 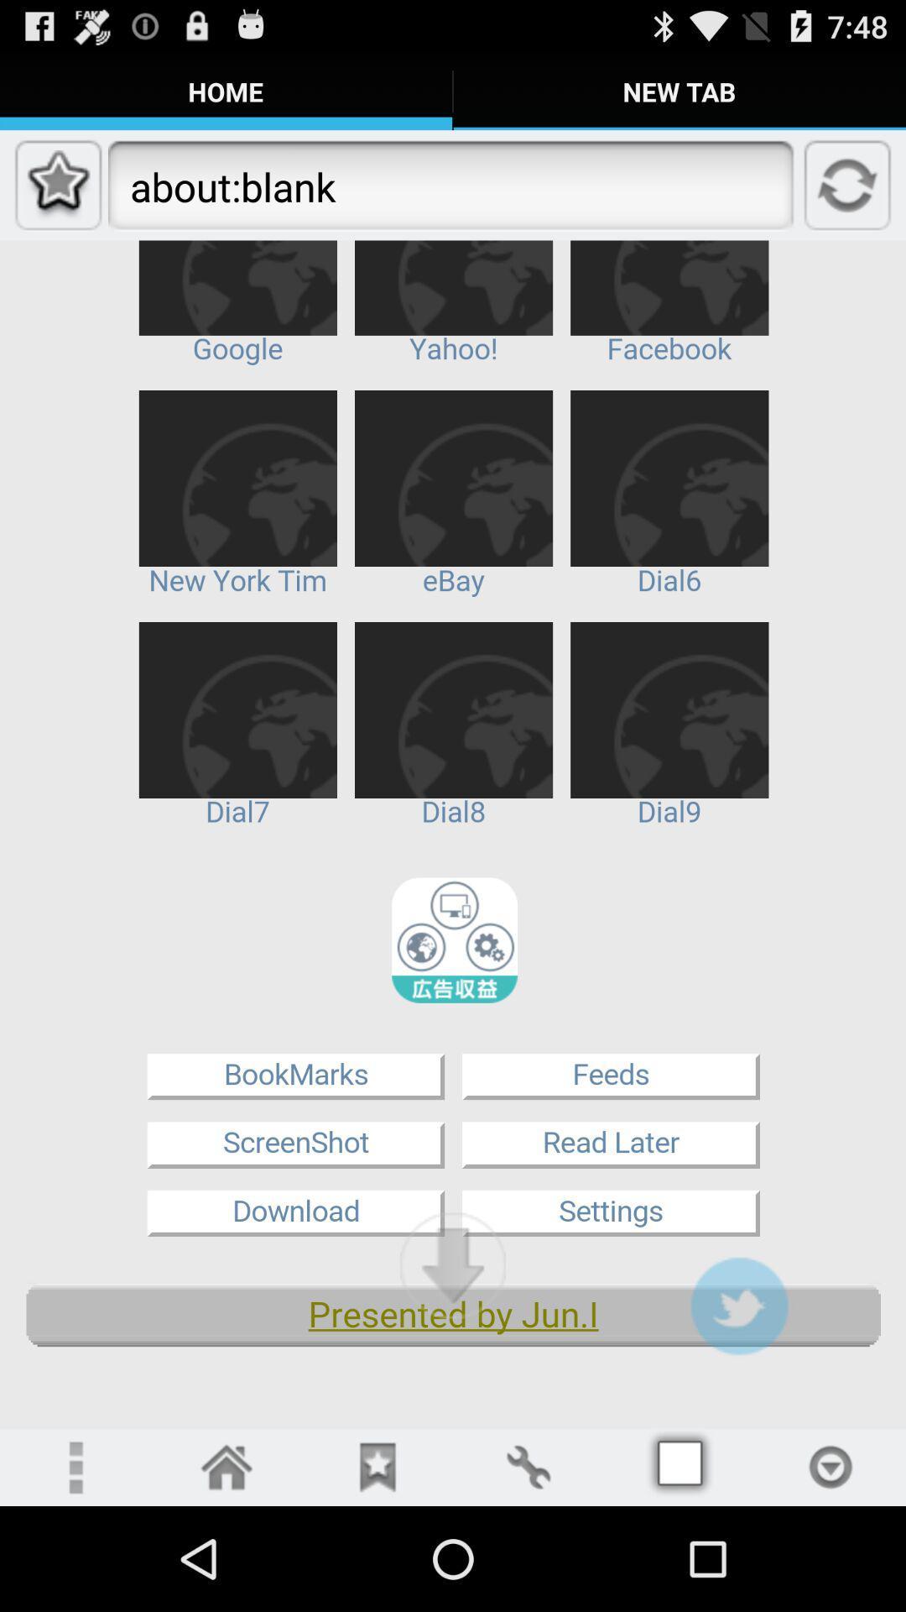 I want to click on option button, so click(x=830, y=1466).